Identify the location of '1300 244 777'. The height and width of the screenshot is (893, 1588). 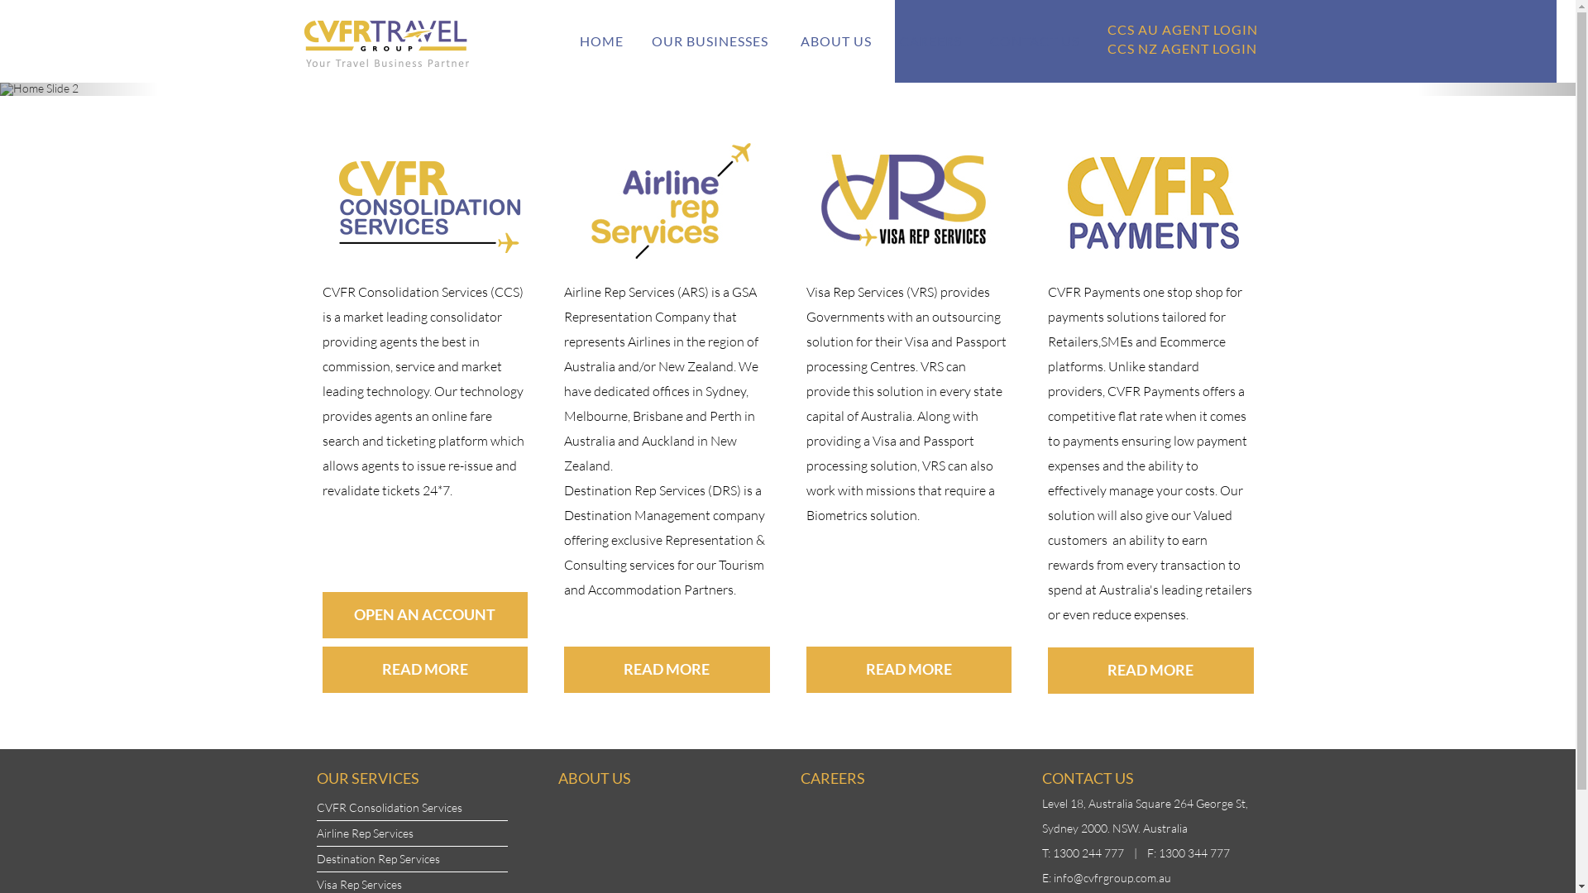
(1088, 852).